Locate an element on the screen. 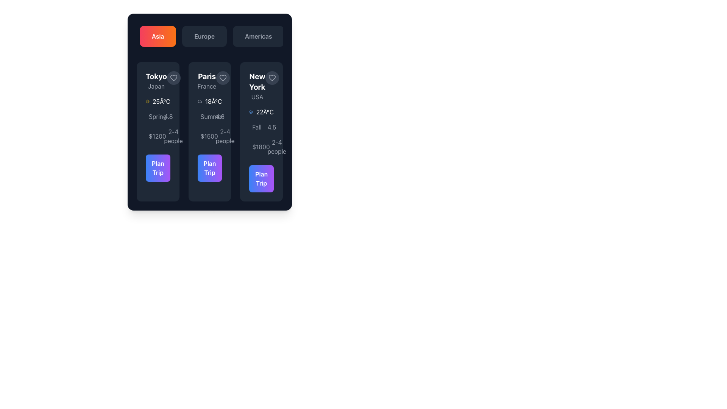 The width and height of the screenshot is (727, 409). the static text label indicating the season associated with the New York listing, located under the 'Americas' tab near the temperature information is located at coordinates (254, 126).